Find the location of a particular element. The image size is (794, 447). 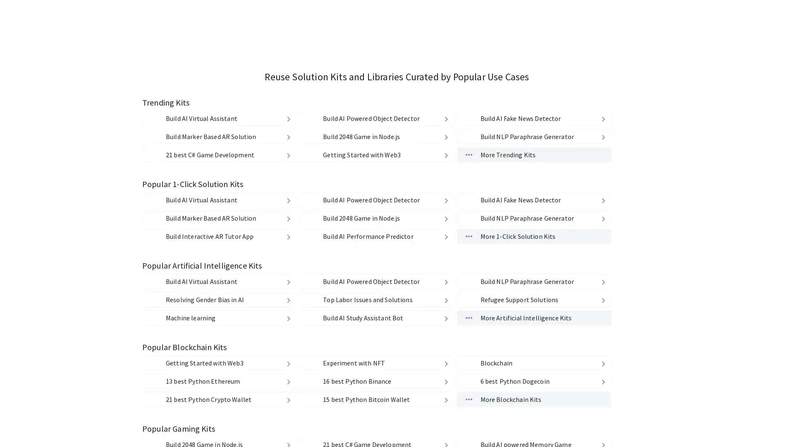

delete is located at coordinates (288, 363).